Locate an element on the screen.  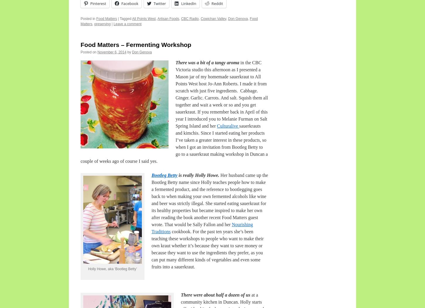
'Twitter' is located at coordinates (160, 3).